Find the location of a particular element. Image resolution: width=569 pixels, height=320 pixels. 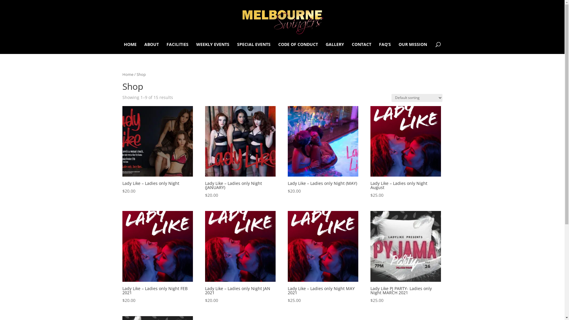

'ABOUT' is located at coordinates (151, 48).